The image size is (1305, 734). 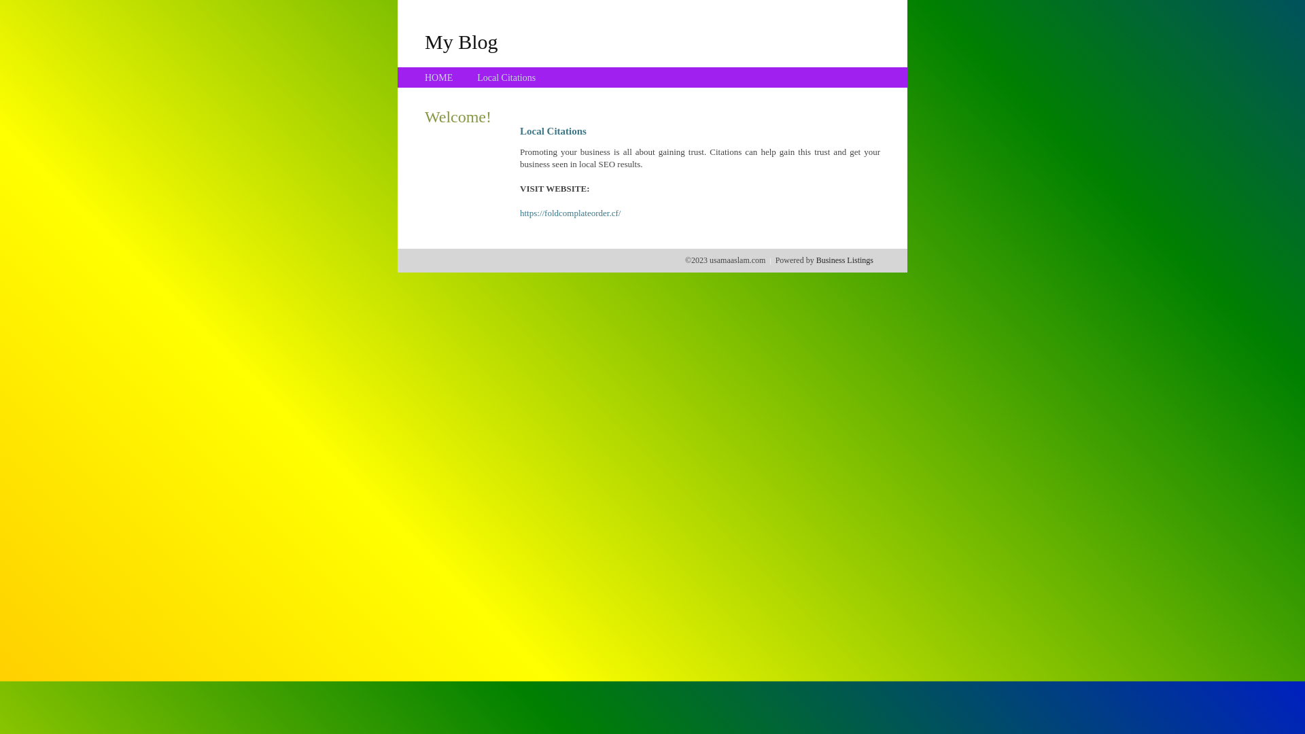 I want to click on 'My Blog', so click(x=461, y=41).